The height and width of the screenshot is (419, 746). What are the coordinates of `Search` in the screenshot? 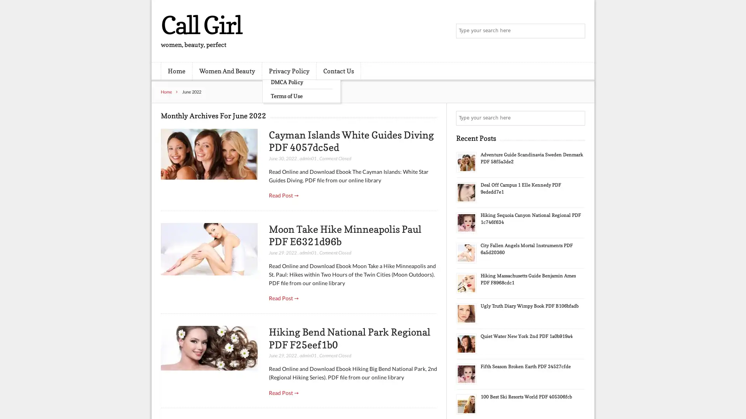 It's located at (577, 118).